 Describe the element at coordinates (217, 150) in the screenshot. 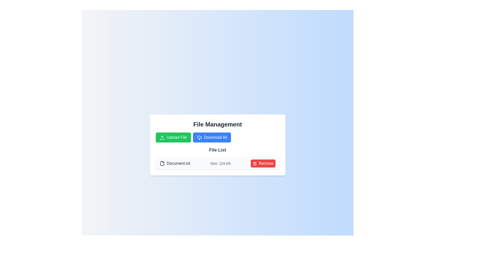

I see `the text label that serves as a heading for the section indicating the content or purpose of the section, which is located underneath the 'Upload File' and 'Download All' buttons, and above the list of files` at that location.